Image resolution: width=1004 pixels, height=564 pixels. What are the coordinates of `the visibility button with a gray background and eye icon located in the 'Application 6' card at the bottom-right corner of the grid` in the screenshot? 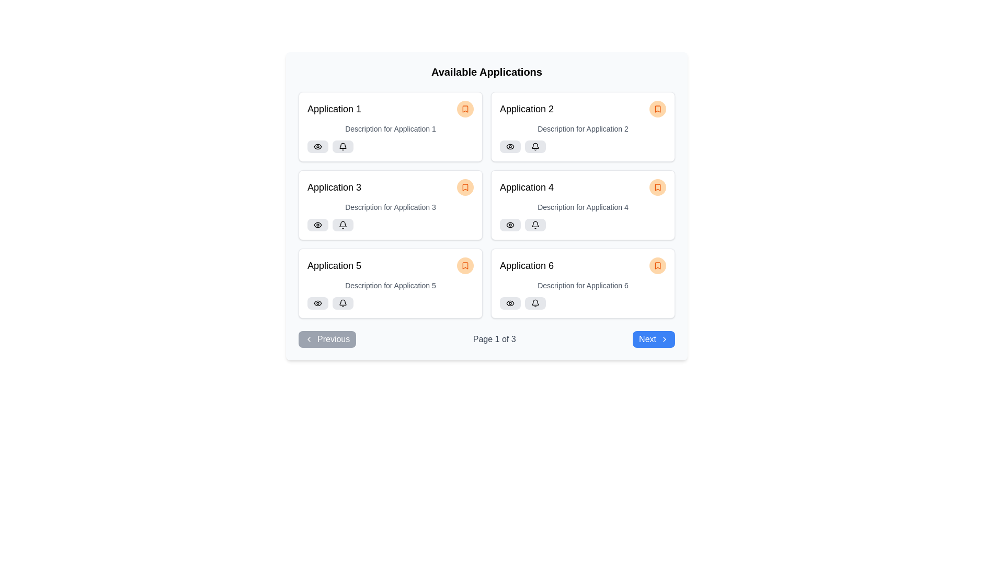 It's located at (510, 303).